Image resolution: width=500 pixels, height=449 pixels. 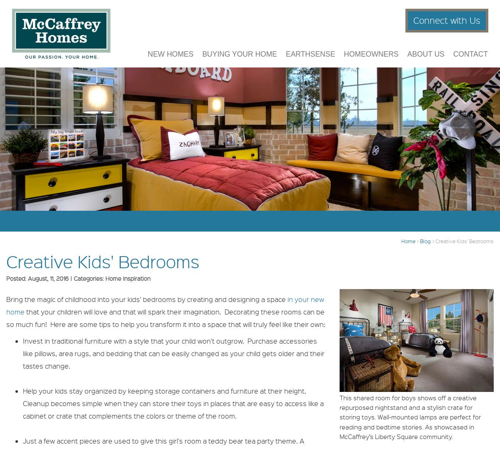 I want to click on 'Categories:', so click(x=88, y=278).